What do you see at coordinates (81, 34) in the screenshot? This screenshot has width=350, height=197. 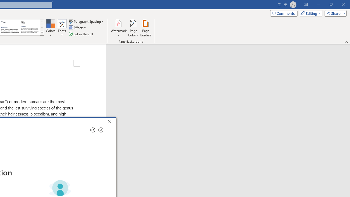 I see `'Set as Default'` at bounding box center [81, 34].